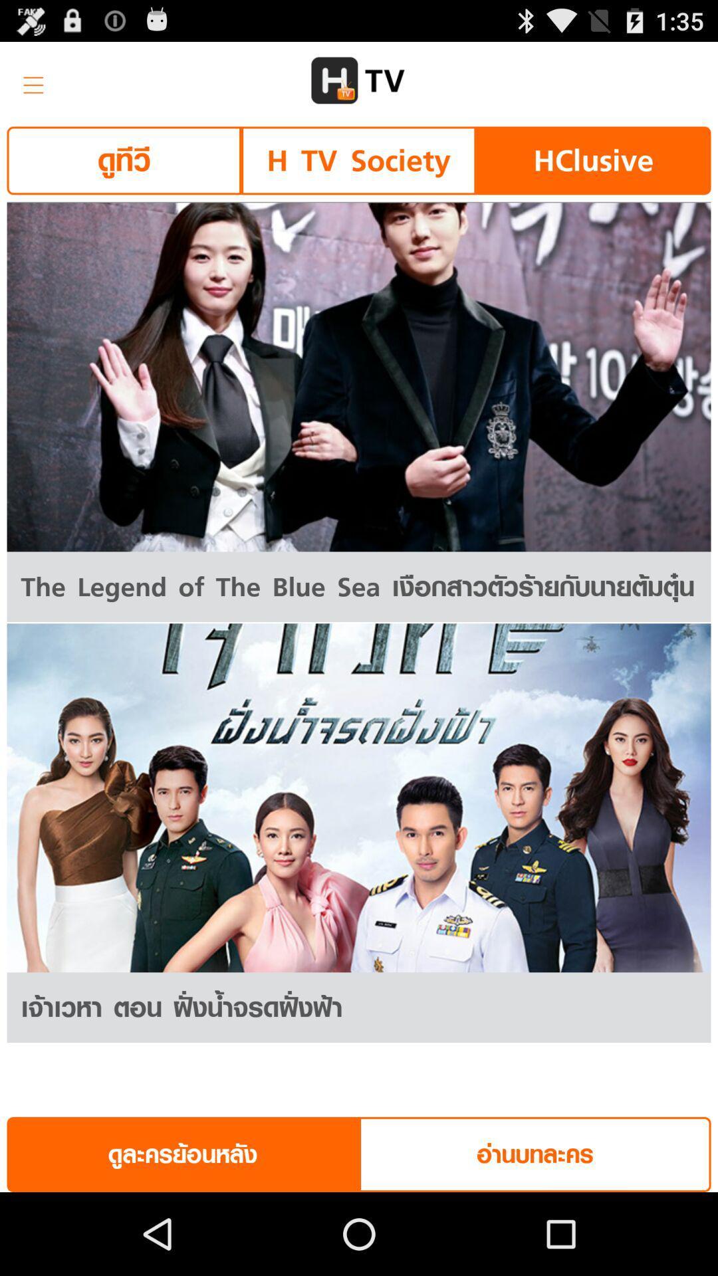 This screenshot has height=1276, width=718. What do you see at coordinates (124, 159) in the screenshot?
I see `the item to the left of the h tv society button` at bounding box center [124, 159].